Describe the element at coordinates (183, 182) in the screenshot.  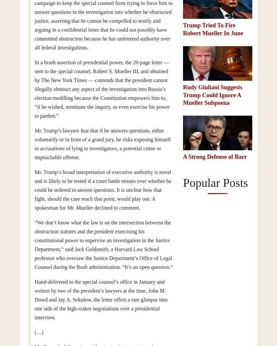
I see `'Popular Posts'` at that location.